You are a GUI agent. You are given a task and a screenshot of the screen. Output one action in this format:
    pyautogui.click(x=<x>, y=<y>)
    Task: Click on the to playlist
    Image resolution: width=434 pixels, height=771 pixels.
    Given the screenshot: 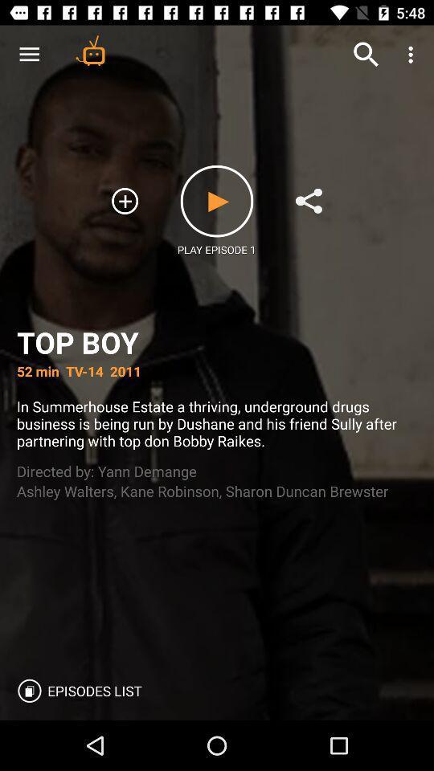 What is the action you would take?
    pyautogui.click(x=124, y=200)
    